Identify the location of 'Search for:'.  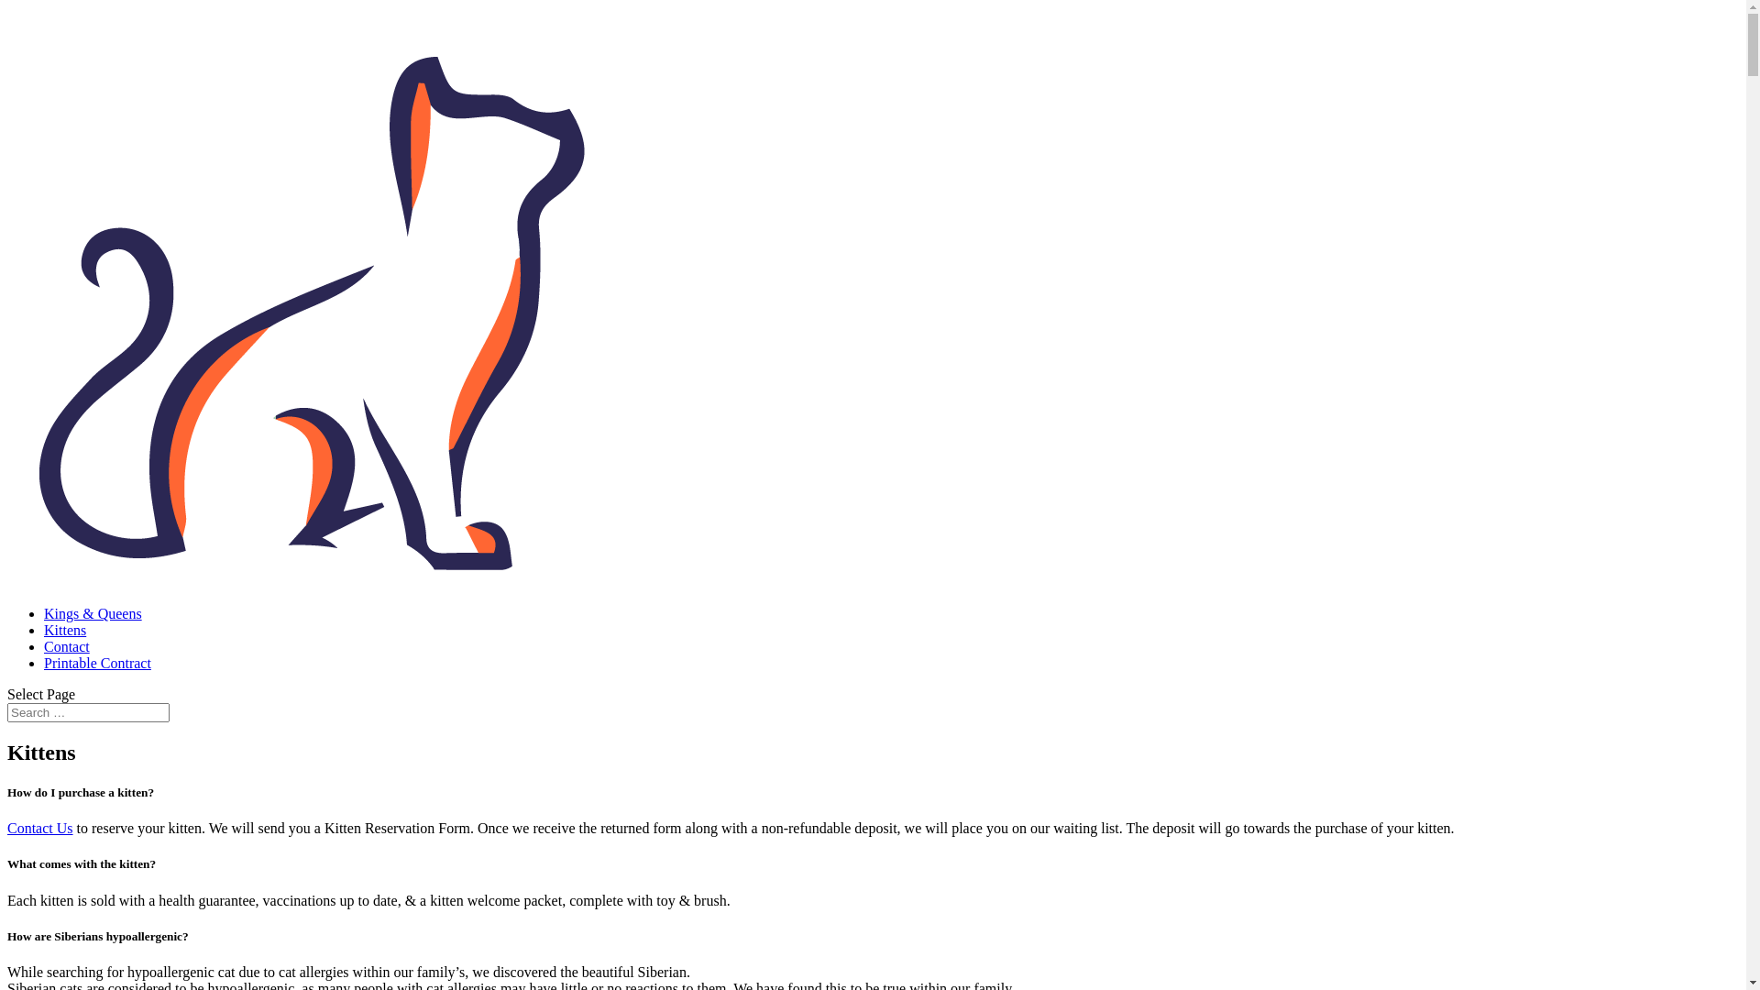
(87, 711).